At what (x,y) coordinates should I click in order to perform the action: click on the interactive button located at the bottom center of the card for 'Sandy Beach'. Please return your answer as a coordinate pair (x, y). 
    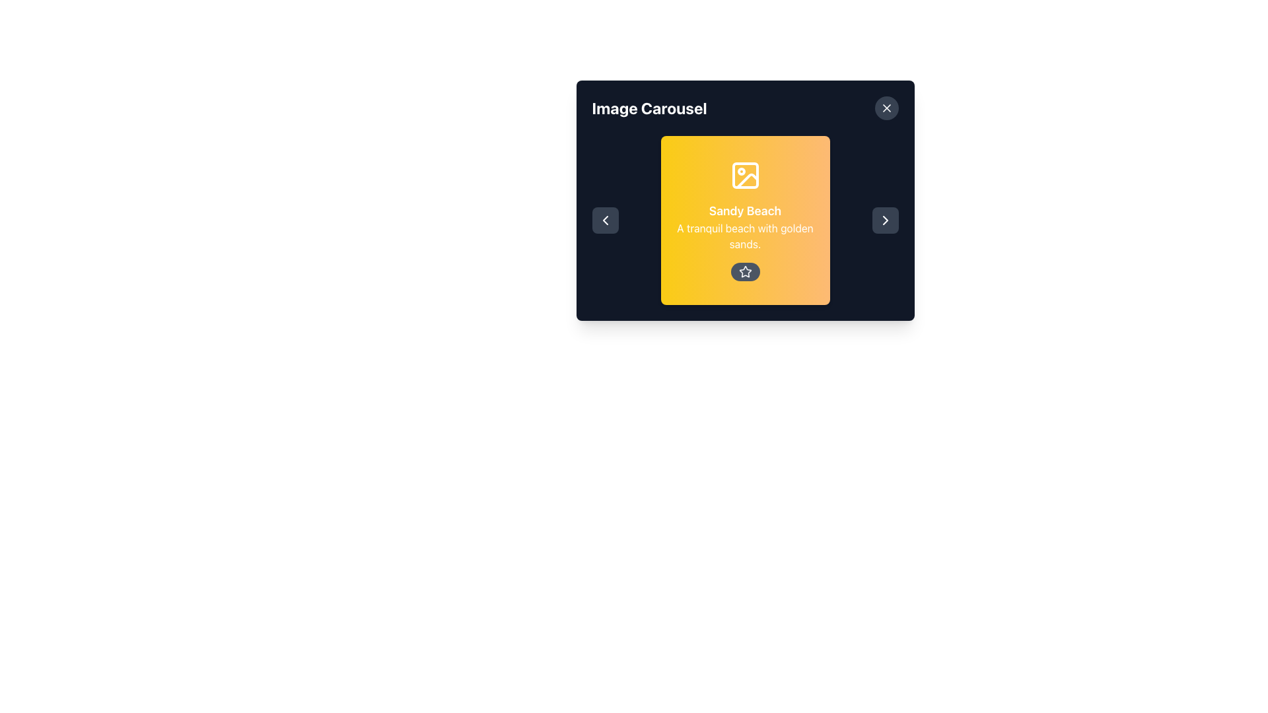
    Looking at the image, I should click on (745, 271).